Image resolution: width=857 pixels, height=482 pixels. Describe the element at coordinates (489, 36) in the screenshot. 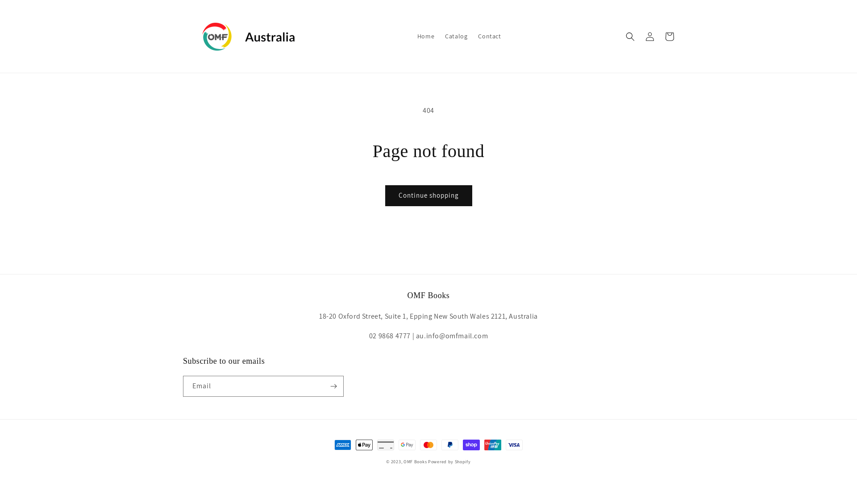

I see `'Contact'` at that location.